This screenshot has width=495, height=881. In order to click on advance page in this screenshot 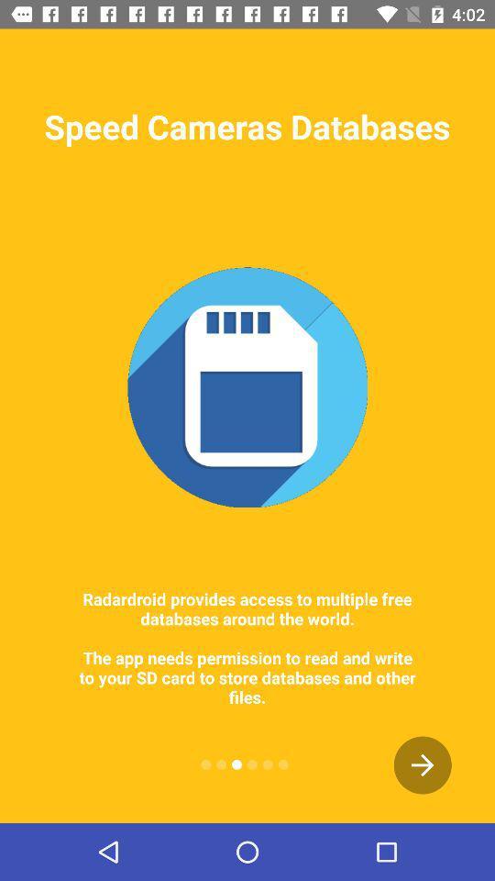, I will do `click(423, 764)`.